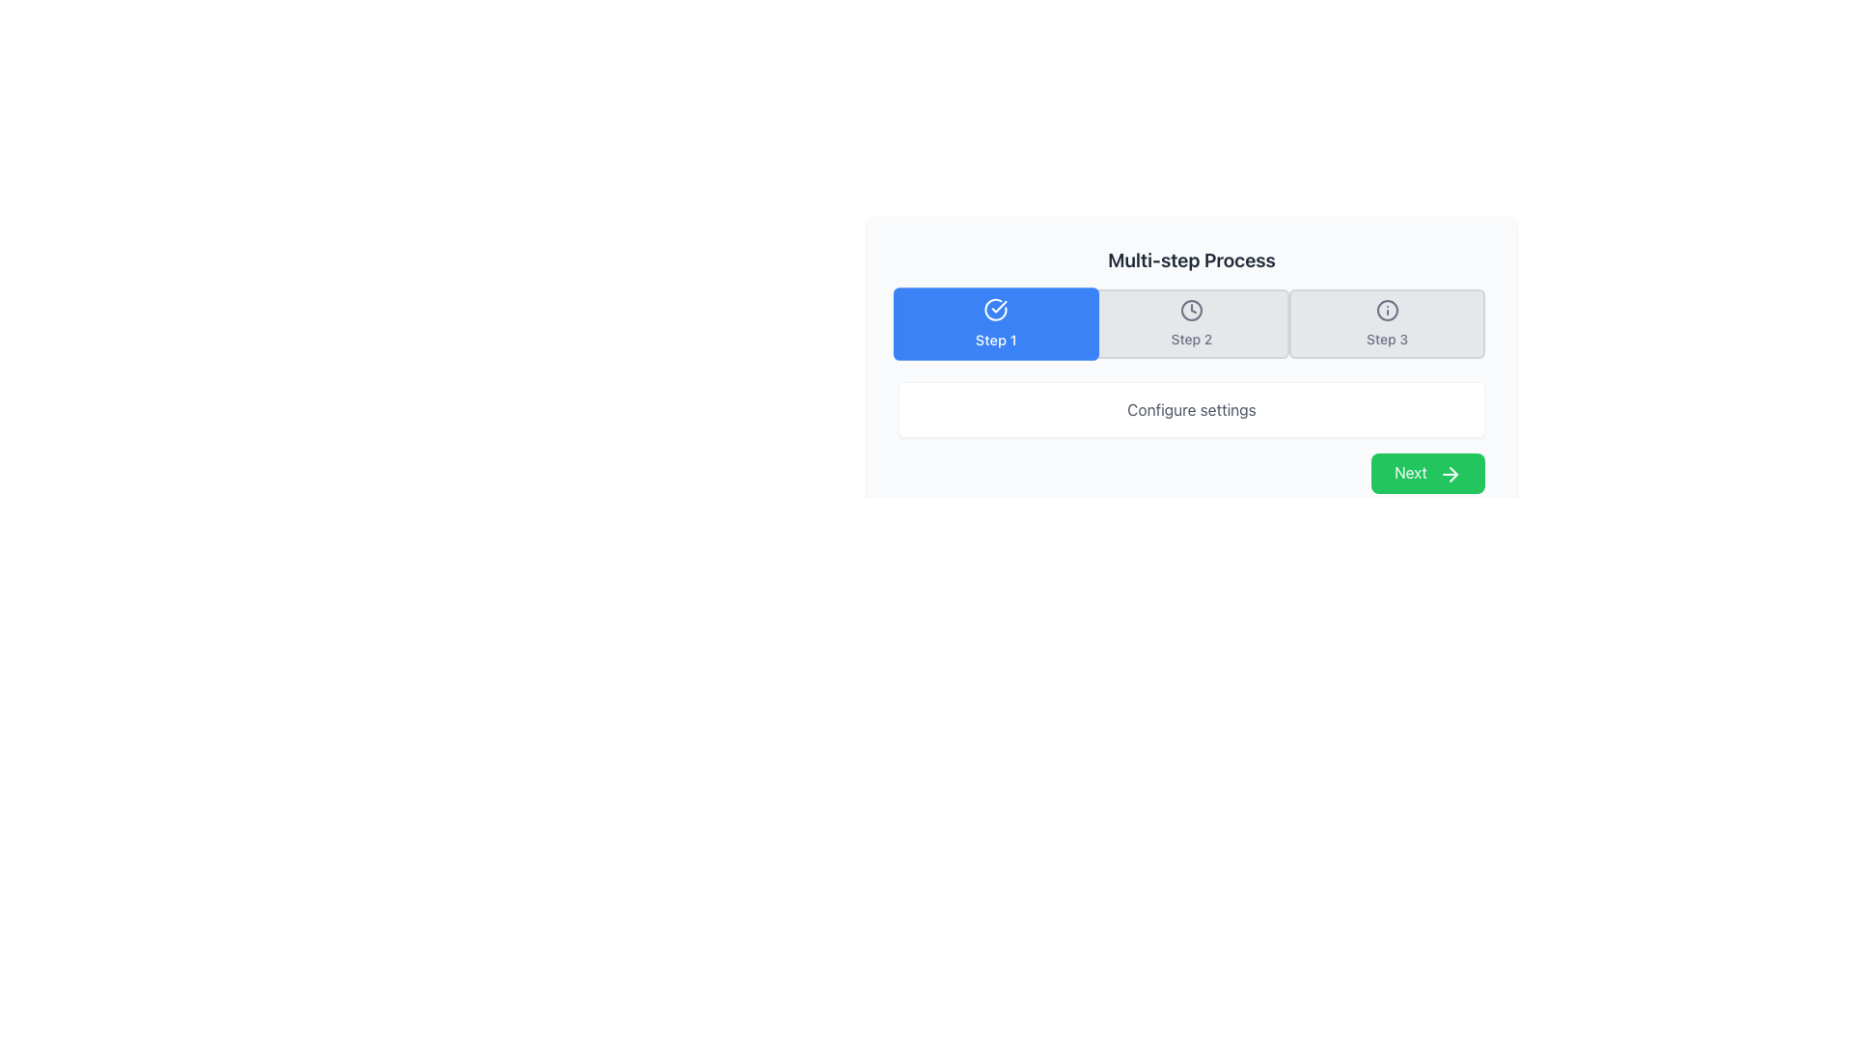  I want to click on the first button in the horizontal step progress indicator, so click(996, 322).